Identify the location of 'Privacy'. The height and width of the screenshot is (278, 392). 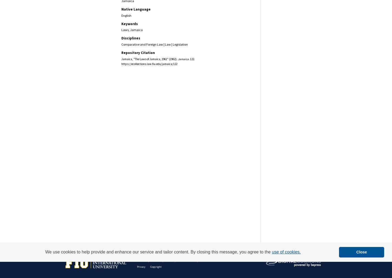
(141, 266).